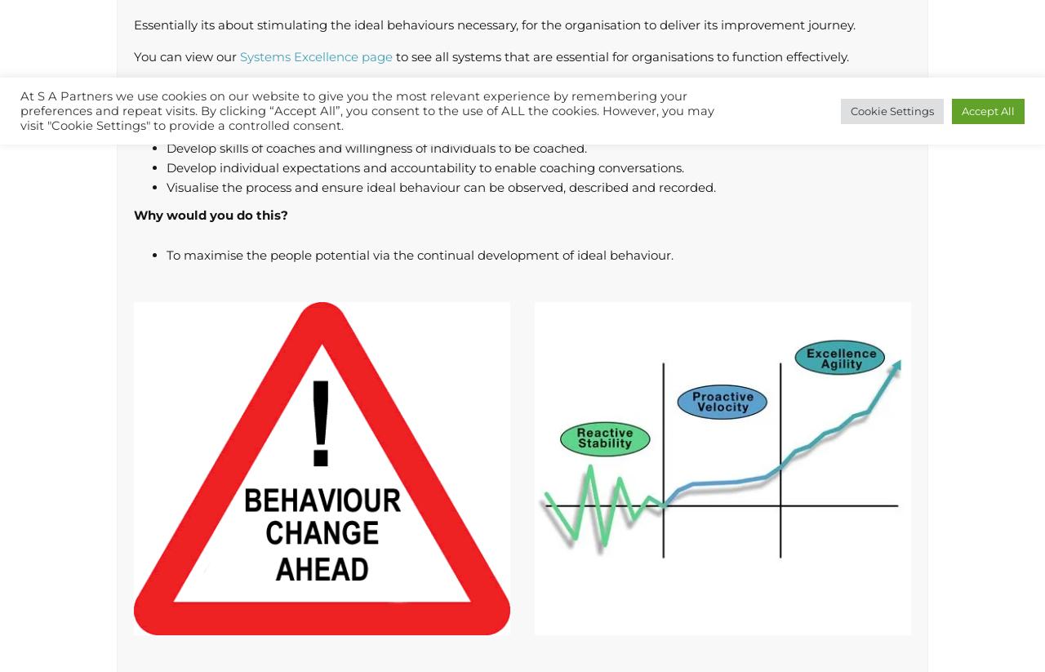  Describe the element at coordinates (133, 215) in the screenshot. I see `'Why would you do this?'` at that location.